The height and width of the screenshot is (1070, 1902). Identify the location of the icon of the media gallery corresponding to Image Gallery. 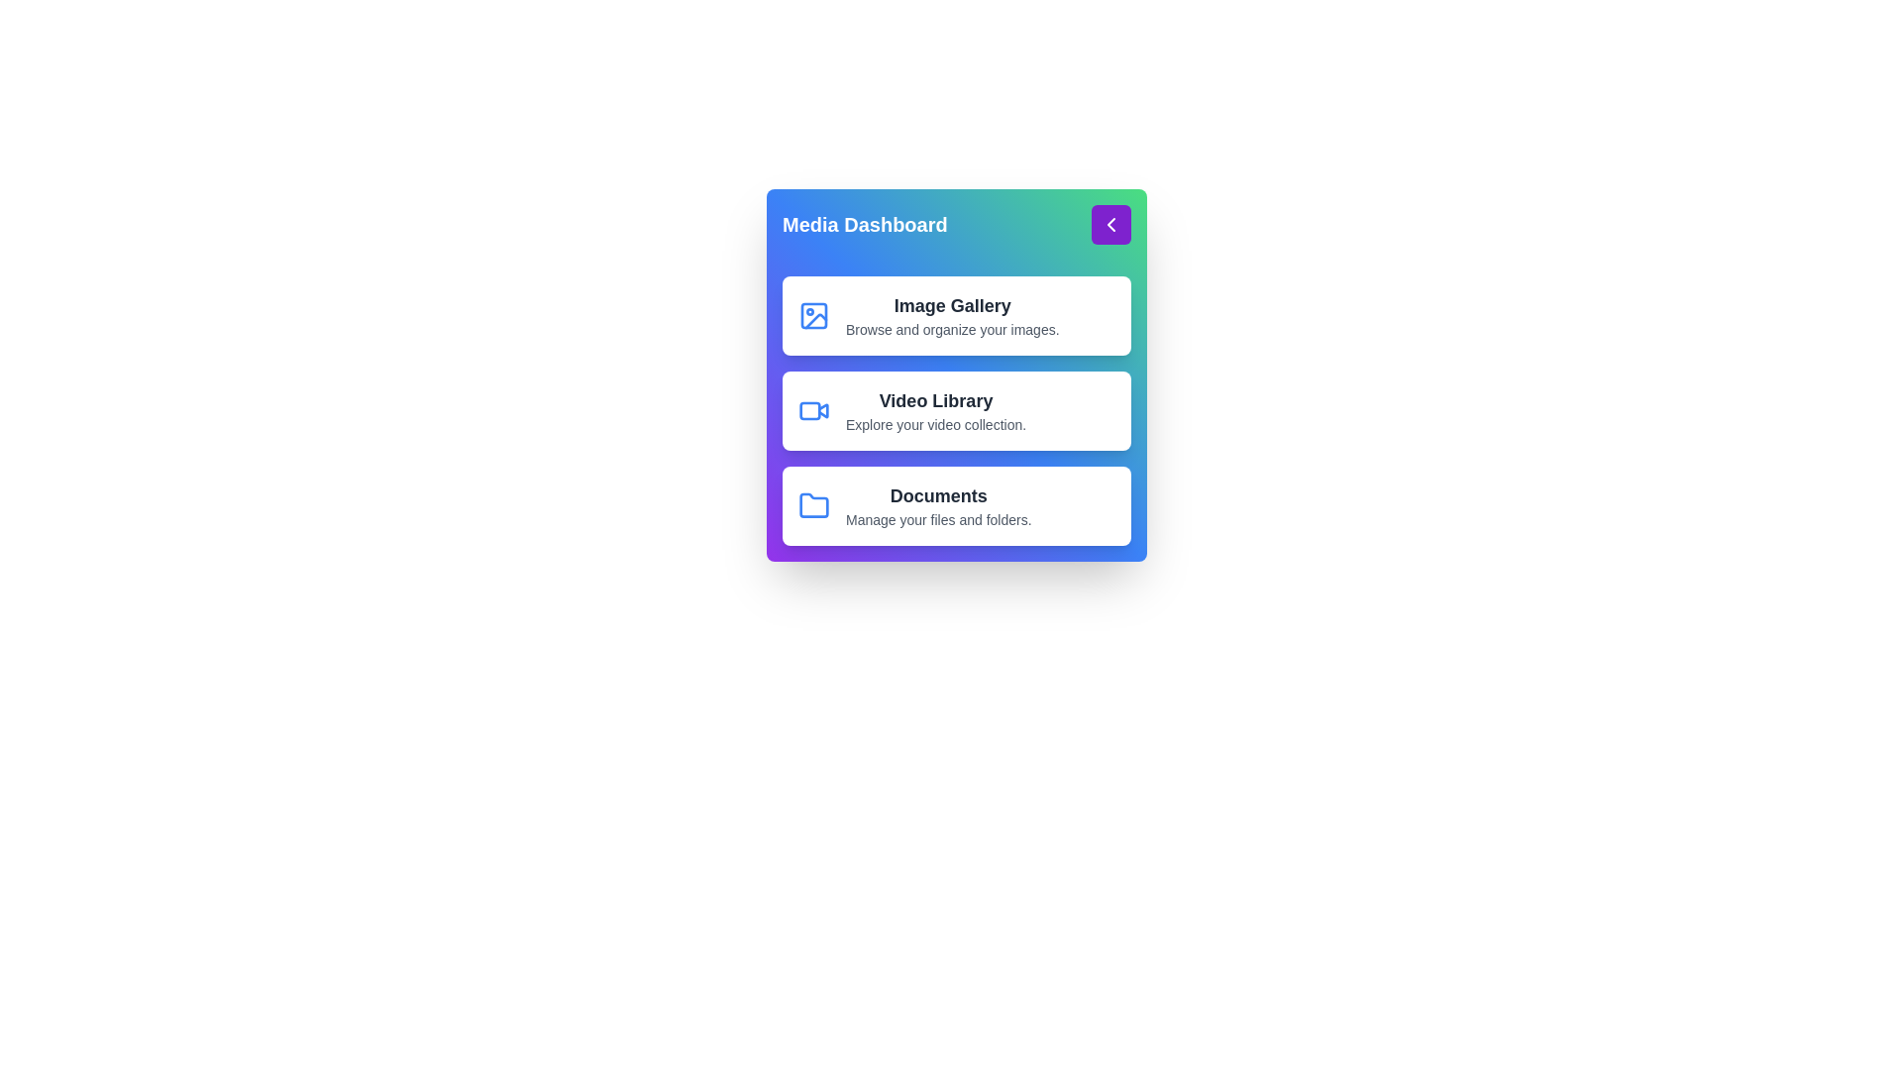
(813, 315).